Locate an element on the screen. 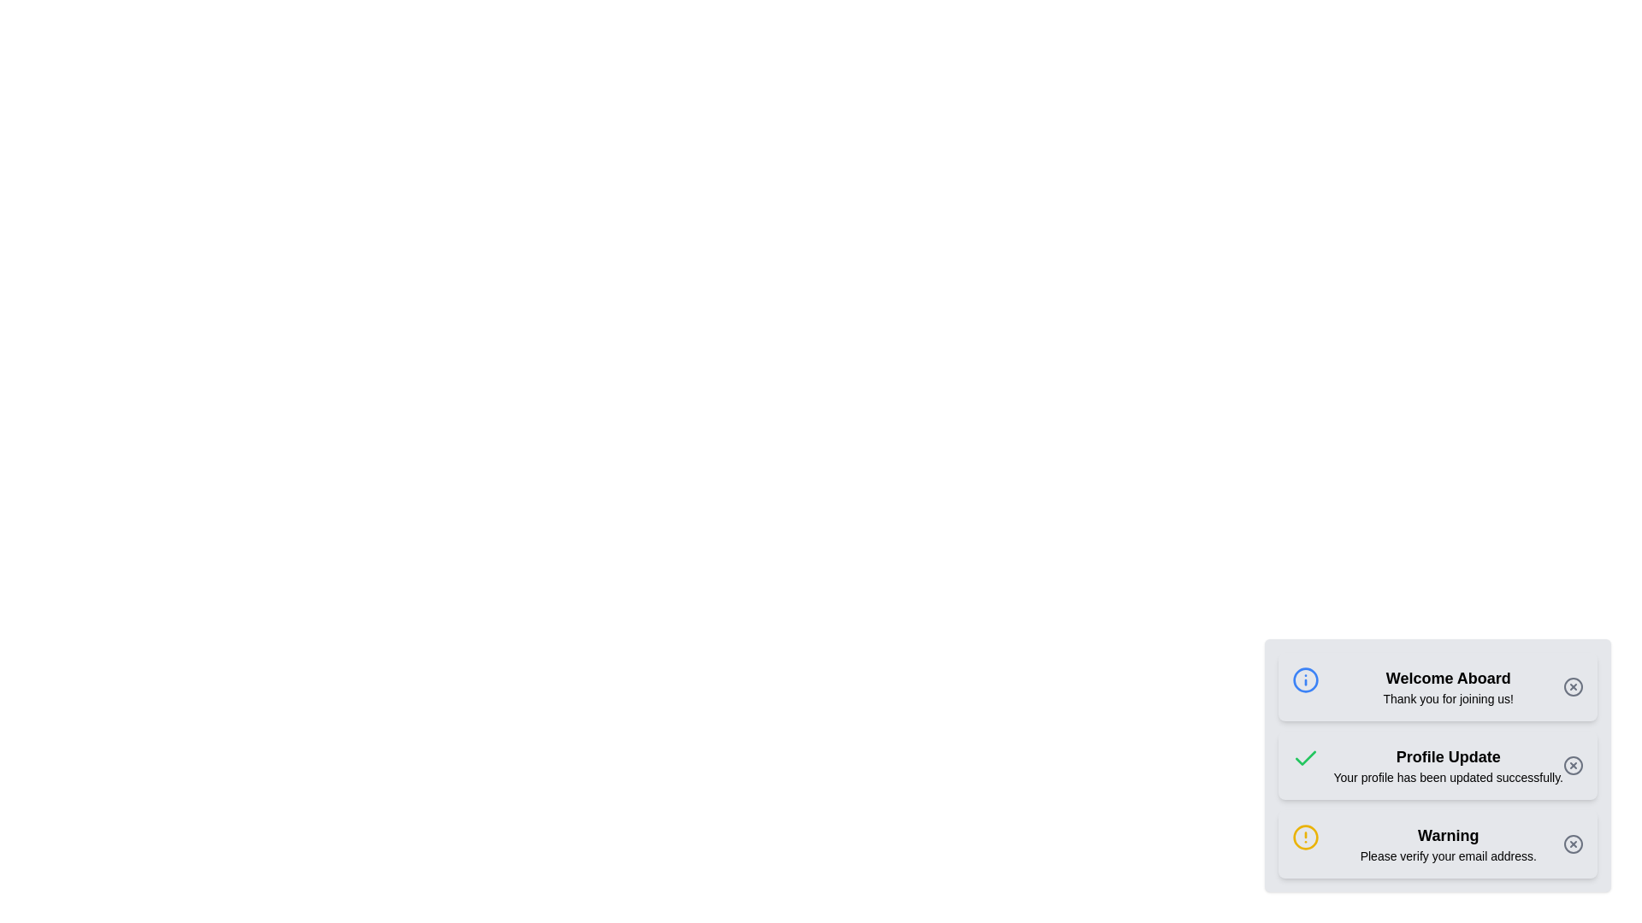 The image size is (1642, 923). the circular 'X' button located on the right side of the 'Warning' notification box is located at coordinates (1573, 843).